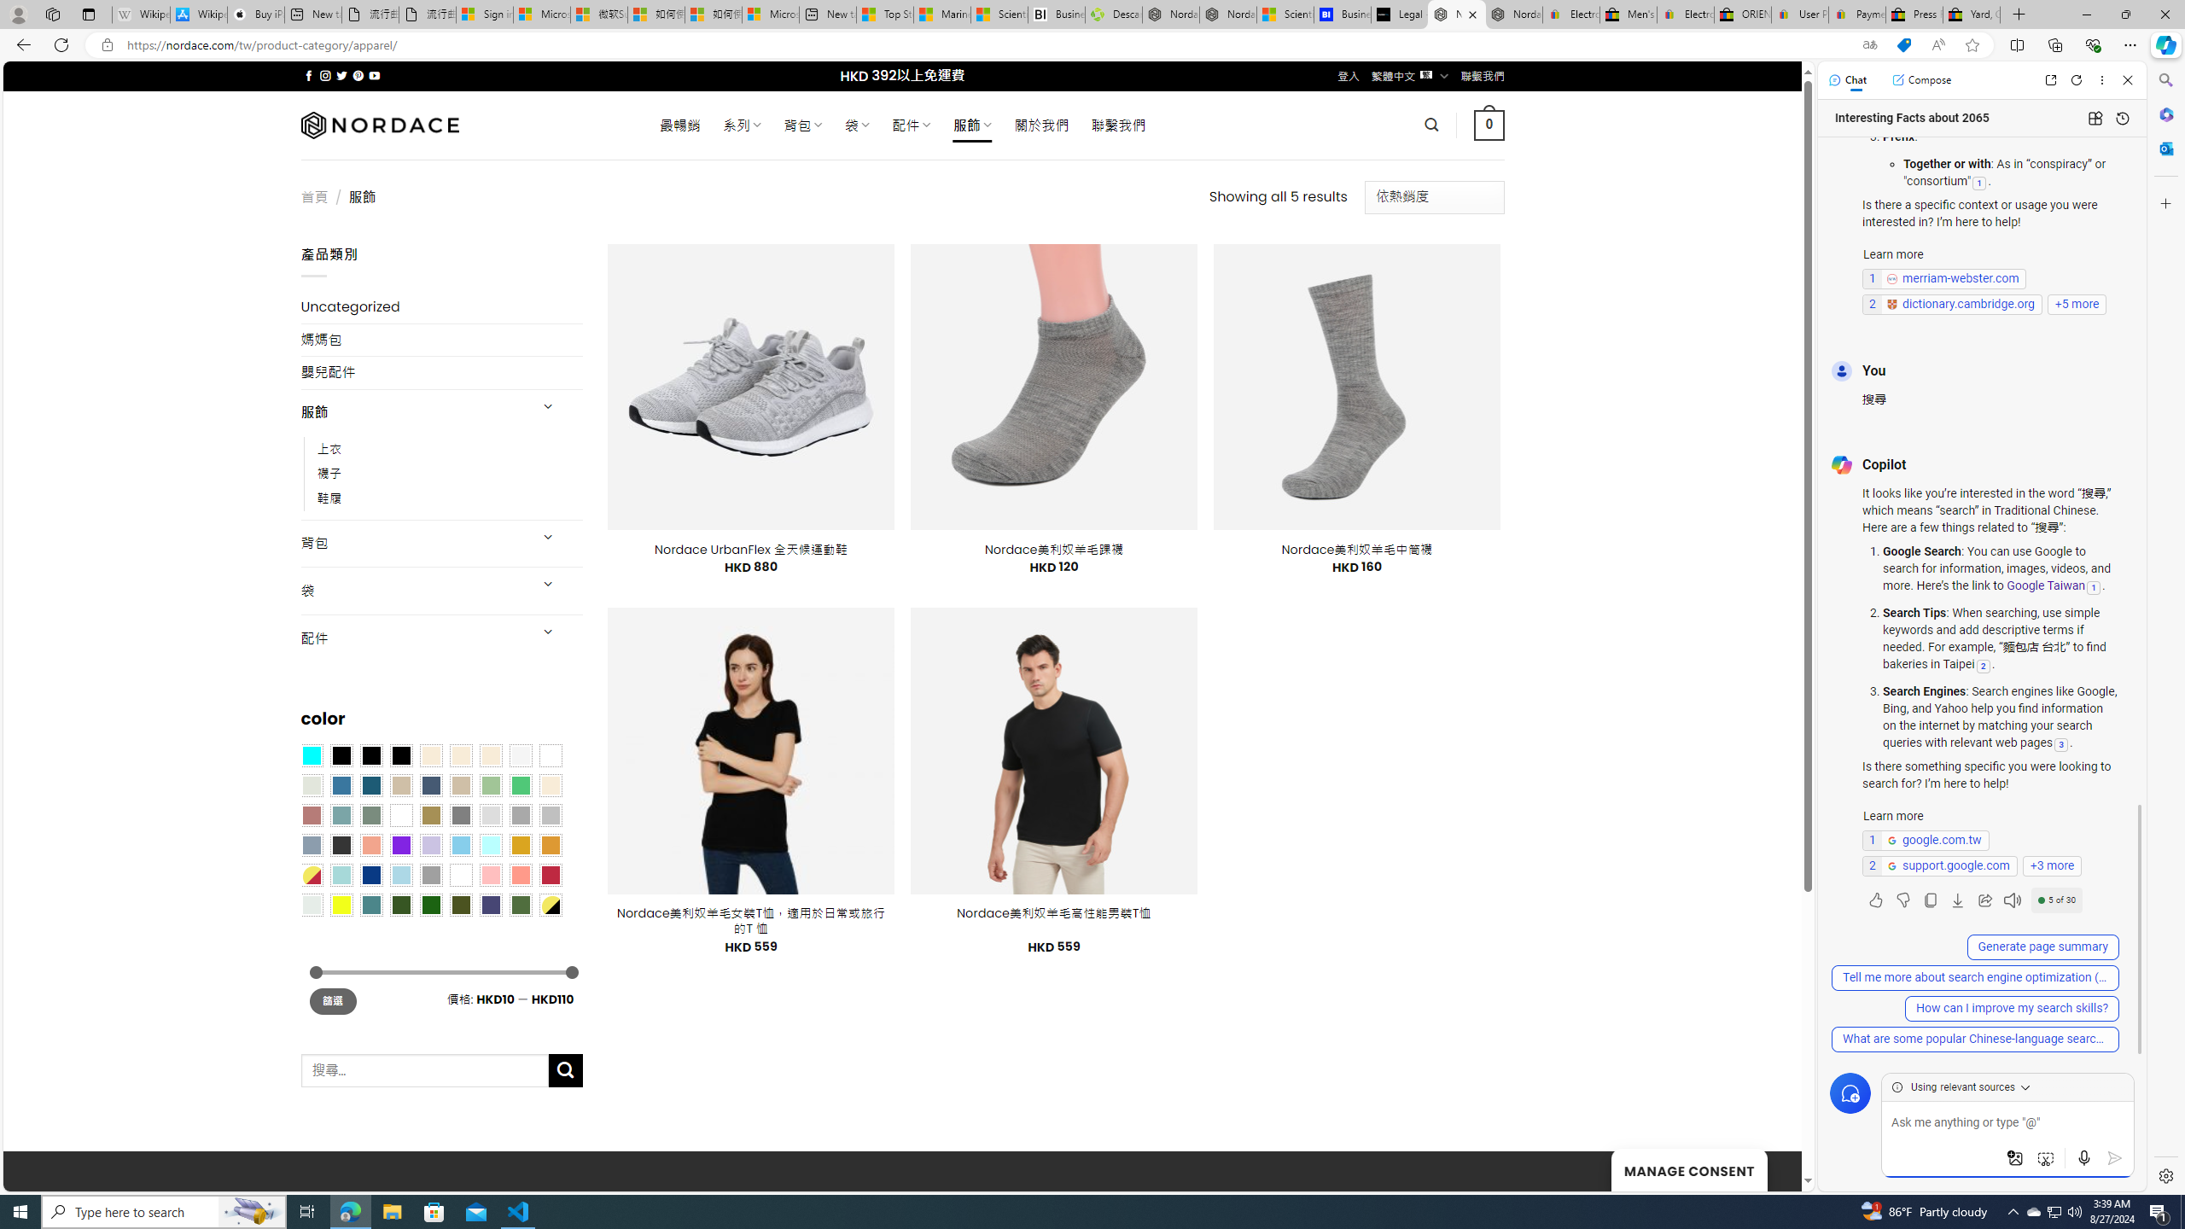  Describe the element at coordinates (441, 307) in the screenshot. I see `'Uncategorized'` at that location.